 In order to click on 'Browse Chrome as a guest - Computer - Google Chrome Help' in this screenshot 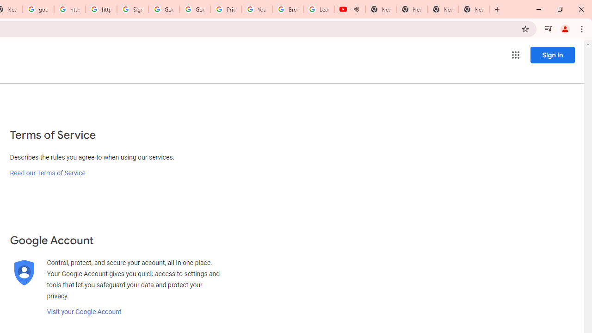, I will do `click(287, 9)`.